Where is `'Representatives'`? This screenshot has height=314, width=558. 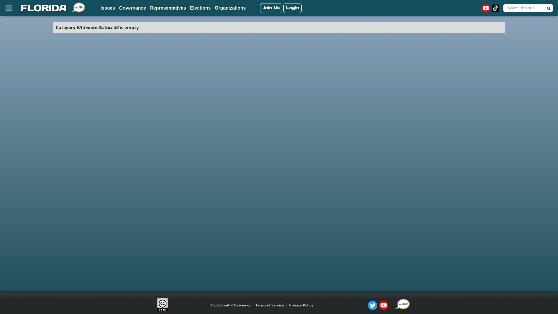
'Representatives' is located at coordinates (167, 8).